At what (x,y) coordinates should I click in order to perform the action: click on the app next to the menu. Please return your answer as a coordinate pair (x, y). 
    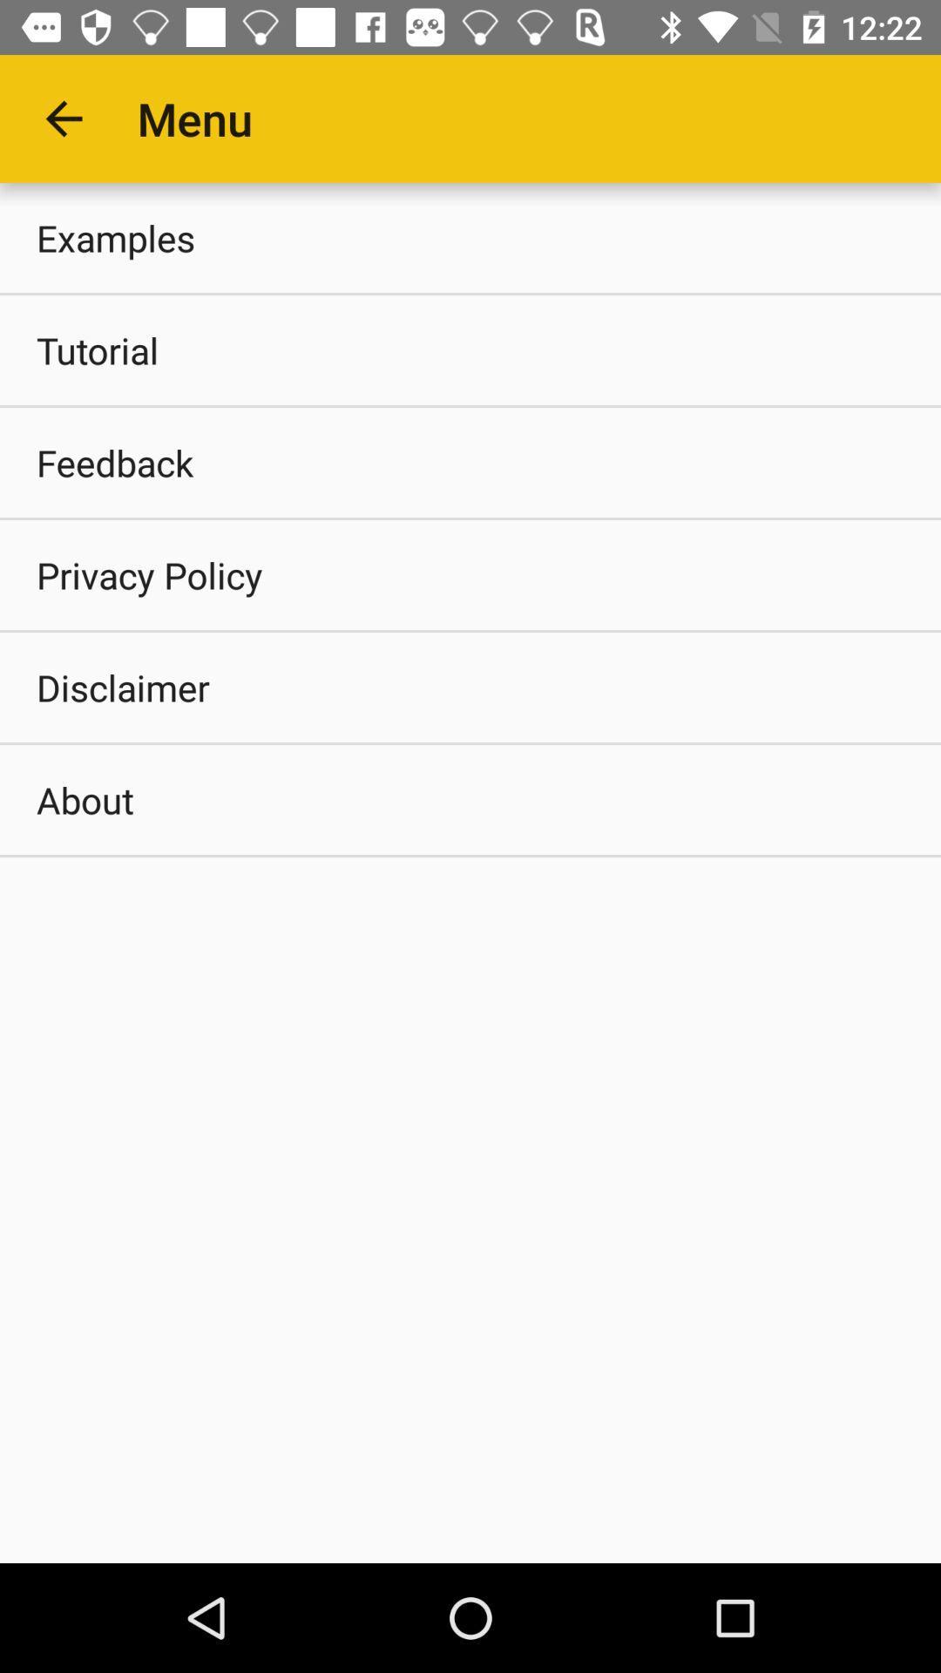
    Looking at the image, I should click on (63, 118).